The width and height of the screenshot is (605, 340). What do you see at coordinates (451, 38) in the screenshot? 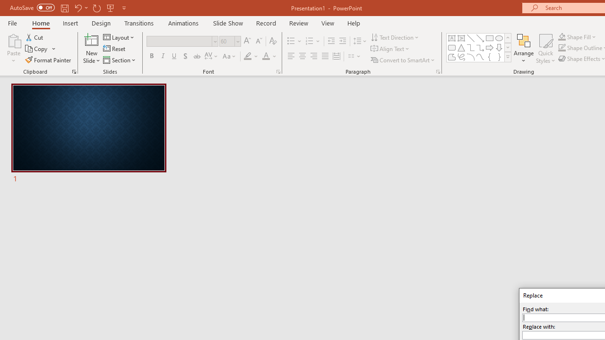
I see `'Text Box'` at bounding box center [451, 38].